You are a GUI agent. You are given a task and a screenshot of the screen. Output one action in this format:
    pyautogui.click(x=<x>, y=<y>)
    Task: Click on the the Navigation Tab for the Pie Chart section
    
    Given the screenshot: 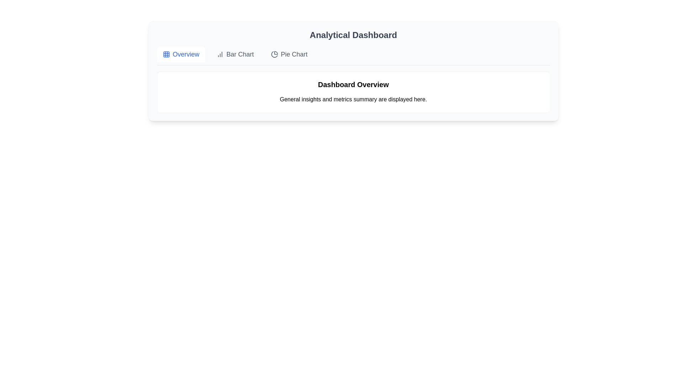 What is the action you would take?
    pyautogui.click(x=289, y=54)
    